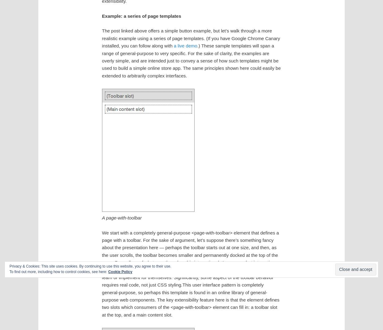  Describe the element at coordinates (190, 273) in the screenshot. I see `'We start with a completely general-purpose <page-with-toolbar> element that defines a page with a toolbar. For the sake of argument, let’s suppose there’s something fancy about the presentation here — perhaps the toolbar starts out at one size, and then, as the user scrolls, the toolbar becomes smaller and permanently docked at the top of the page. Regardless of what exactly makes this interesting, let’s assume that interesting stuff entails web ninja tricks the average designer or developer doesn’t have the time to learn or implement for themselves. Significantly, some aspect of the toolbar behavior requires real code, not just CSS styling.This user interface pattern is completely general-purpose, so perhaps this template is found in an online library of general-purpose web components. The key extensibility feature here is that the element defines two slots which consumers of the <page-with-toolbar> element can fill in: a toolbar slot at the top, and a main content slot.'` at that location.